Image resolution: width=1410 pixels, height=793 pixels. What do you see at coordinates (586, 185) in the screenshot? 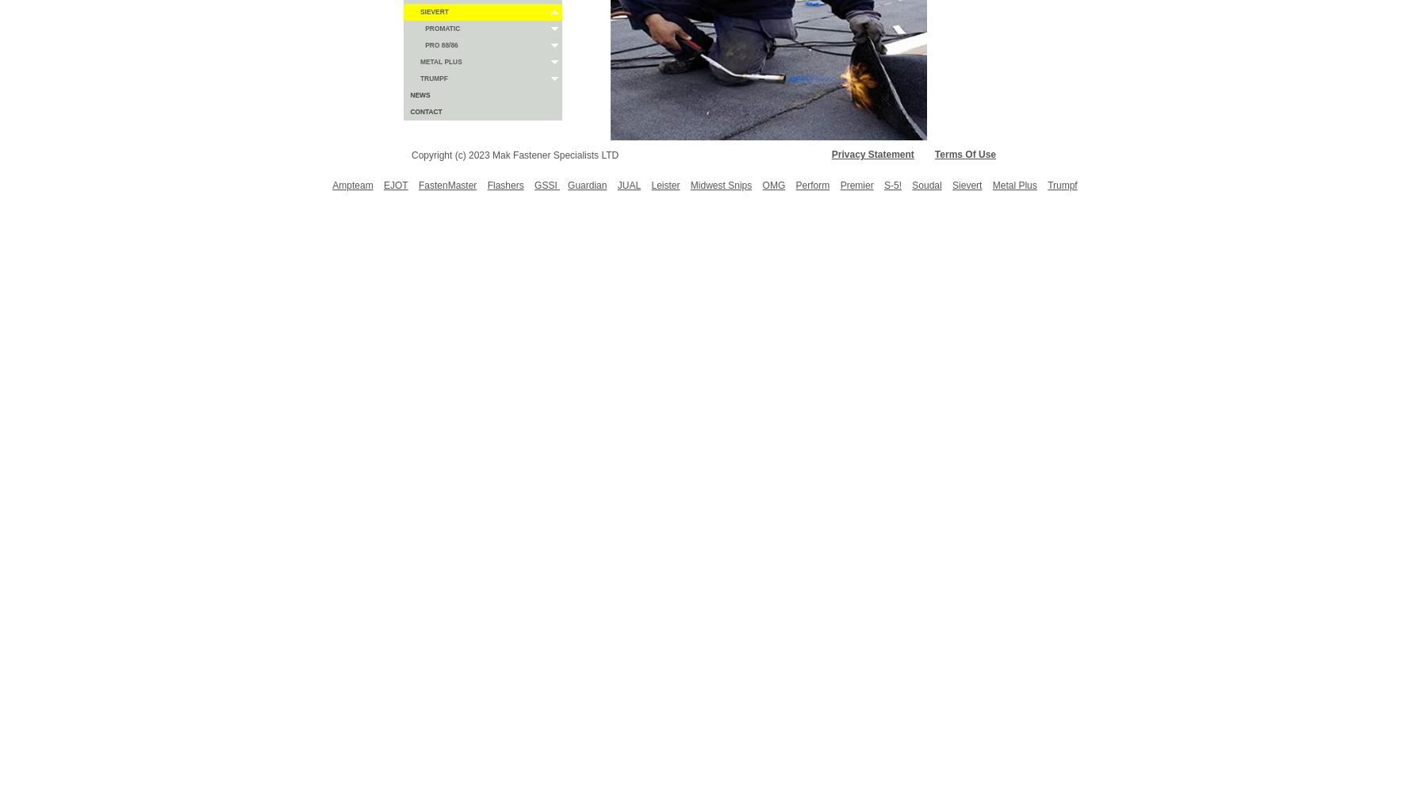
I see `'Guardian'` at bounding box center [586, 185].